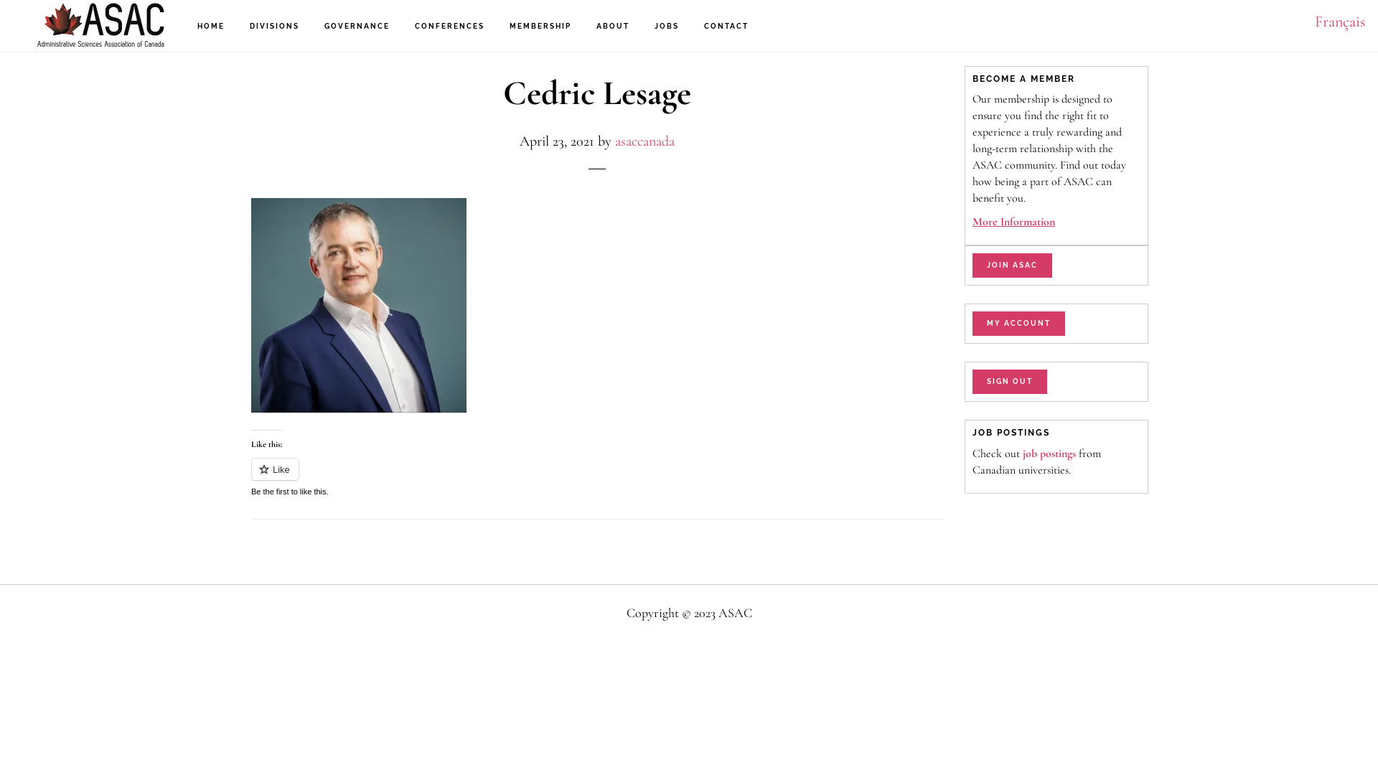  Describe the element at coordinates (1018, 324) in the screenshot. I see `'MY ACCOUNT'` at that location.